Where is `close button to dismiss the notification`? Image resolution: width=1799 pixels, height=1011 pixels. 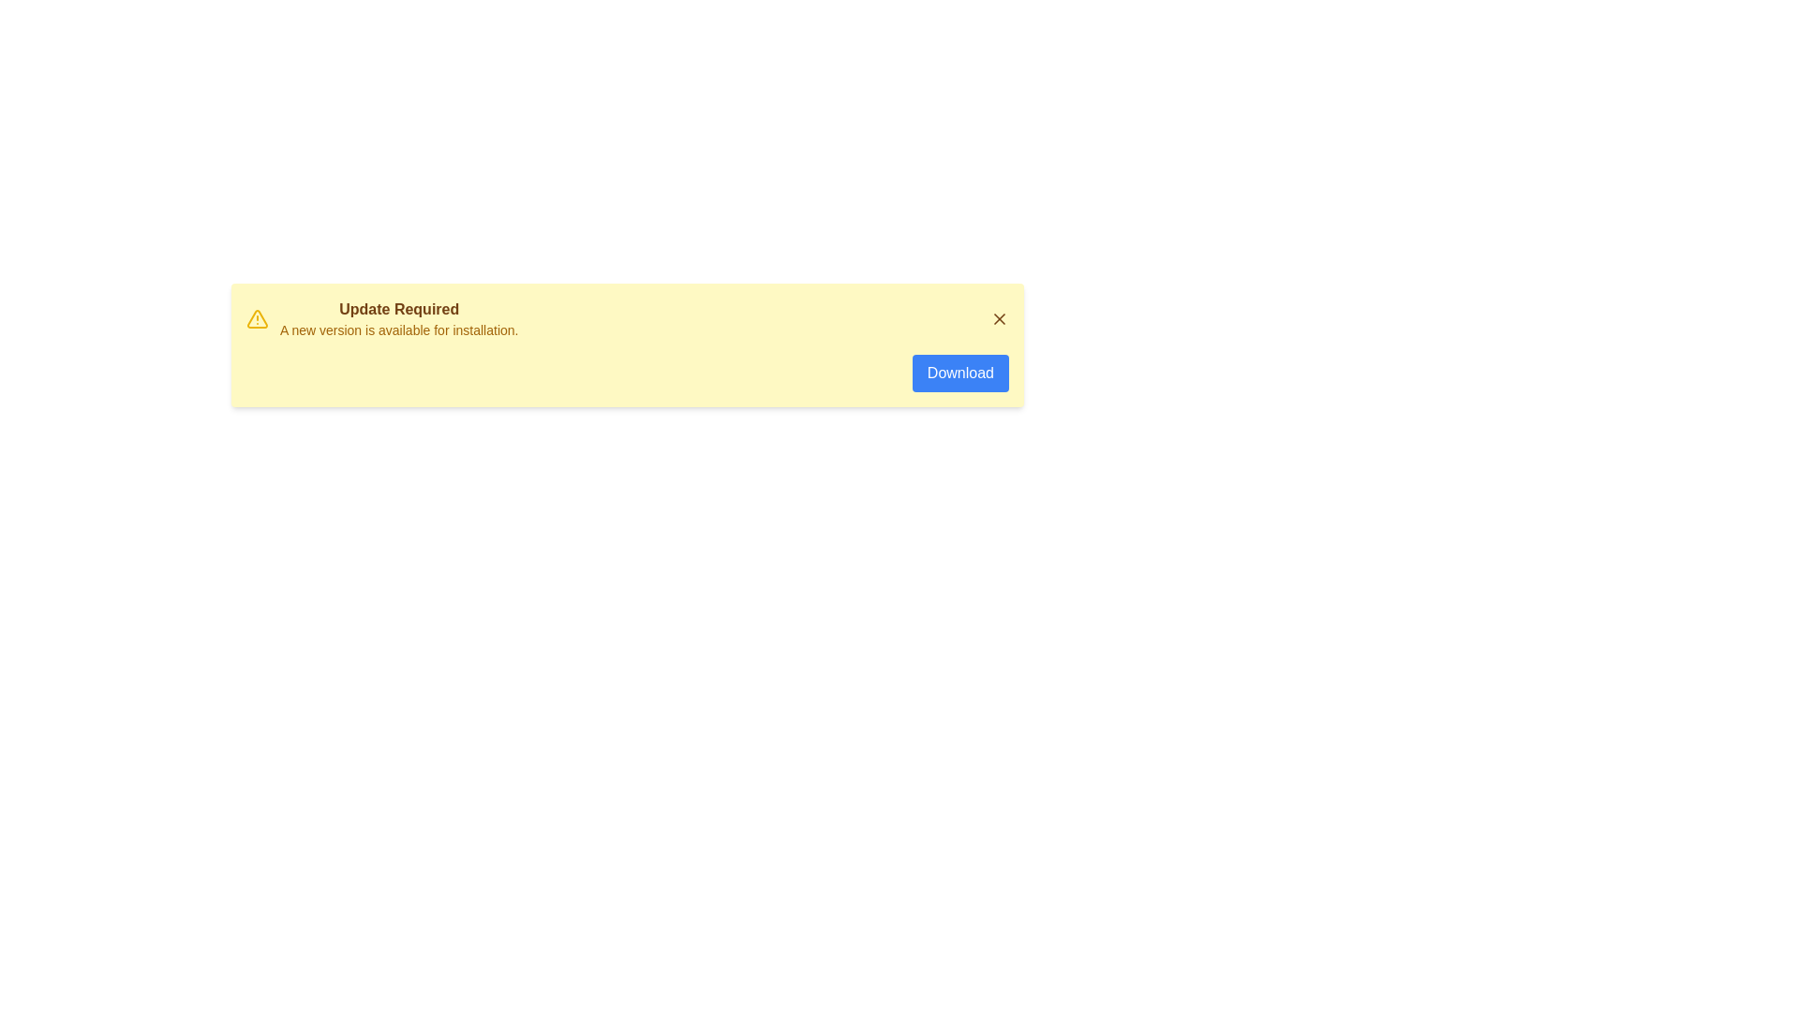 close button to dismiss the notification is located at coordinates (998, 317).